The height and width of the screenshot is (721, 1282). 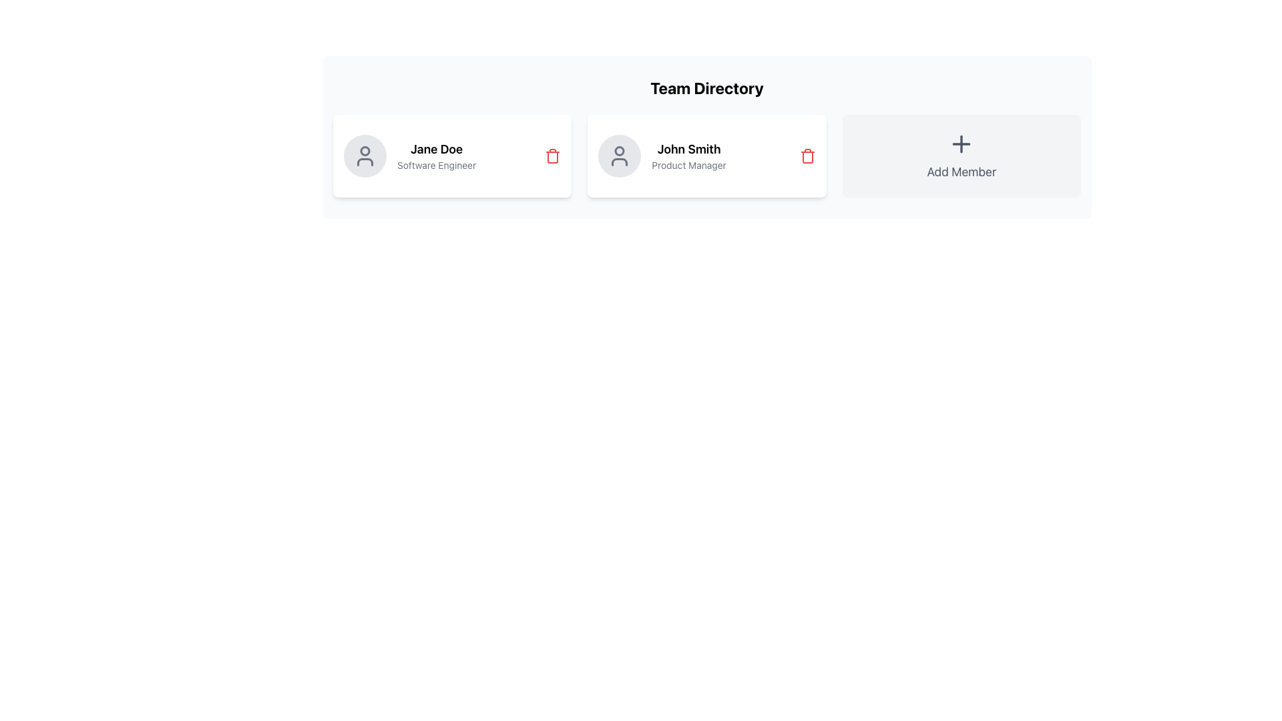 What do you see at coordinates (689, 156) in the screenshot?
I see `the 'John Smith' text label, which is located in the center of the second card from the left under the 'Team Directory' header, featuring a bold font and a smaller gray text beneath it` at bounding box center [689, 156].